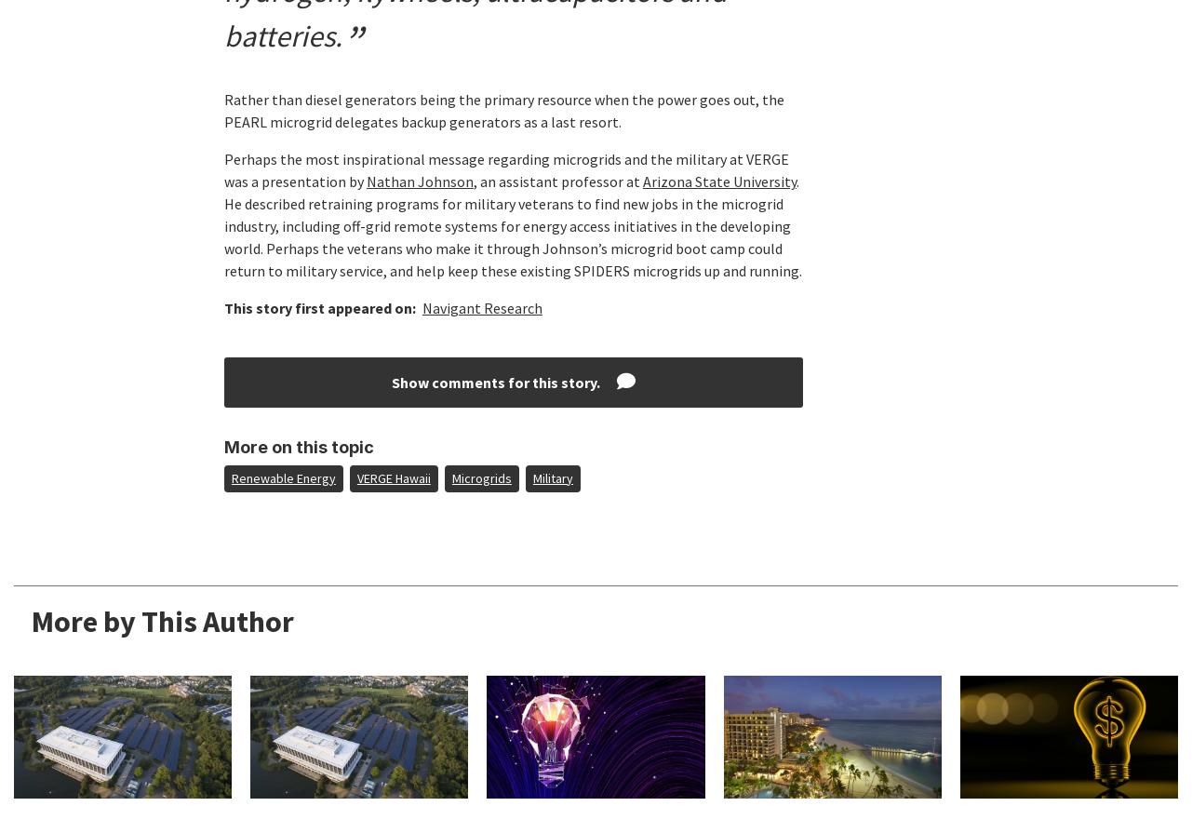  I want to click on 'Rather than diesel generators being the primary resource when the power goes out, the PEARL microgrid delegates backup generators as a last resort.', so click(502, 111).